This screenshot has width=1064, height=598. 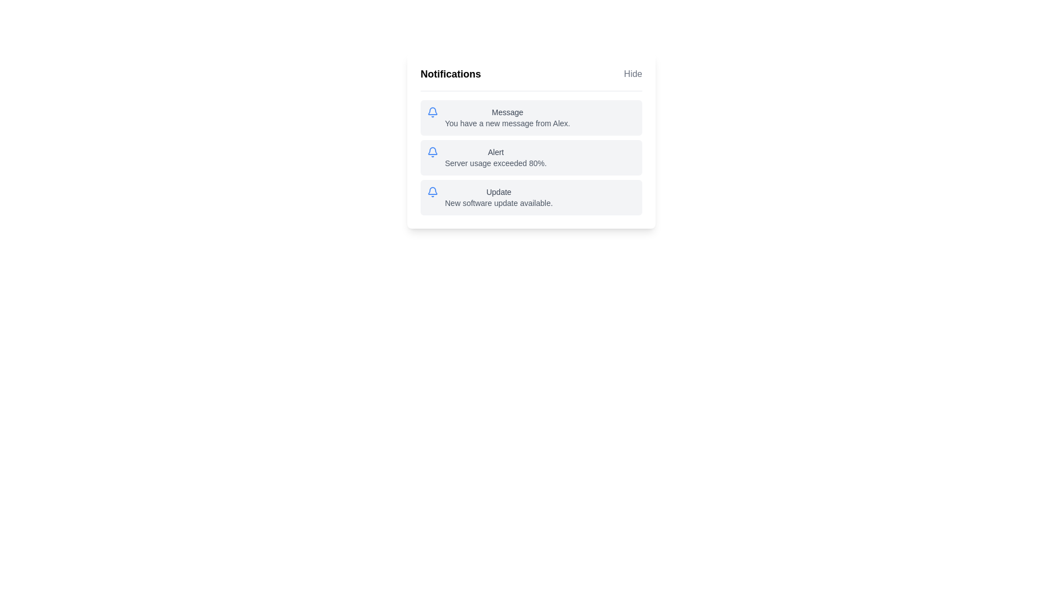 What do you see at coordinates (495, 163) in the screenshot?
I see `the text label stating 'Server usage exceeded 80%' which is located below the title 'Alert' within the notification card` at bounding box center [495, 163].